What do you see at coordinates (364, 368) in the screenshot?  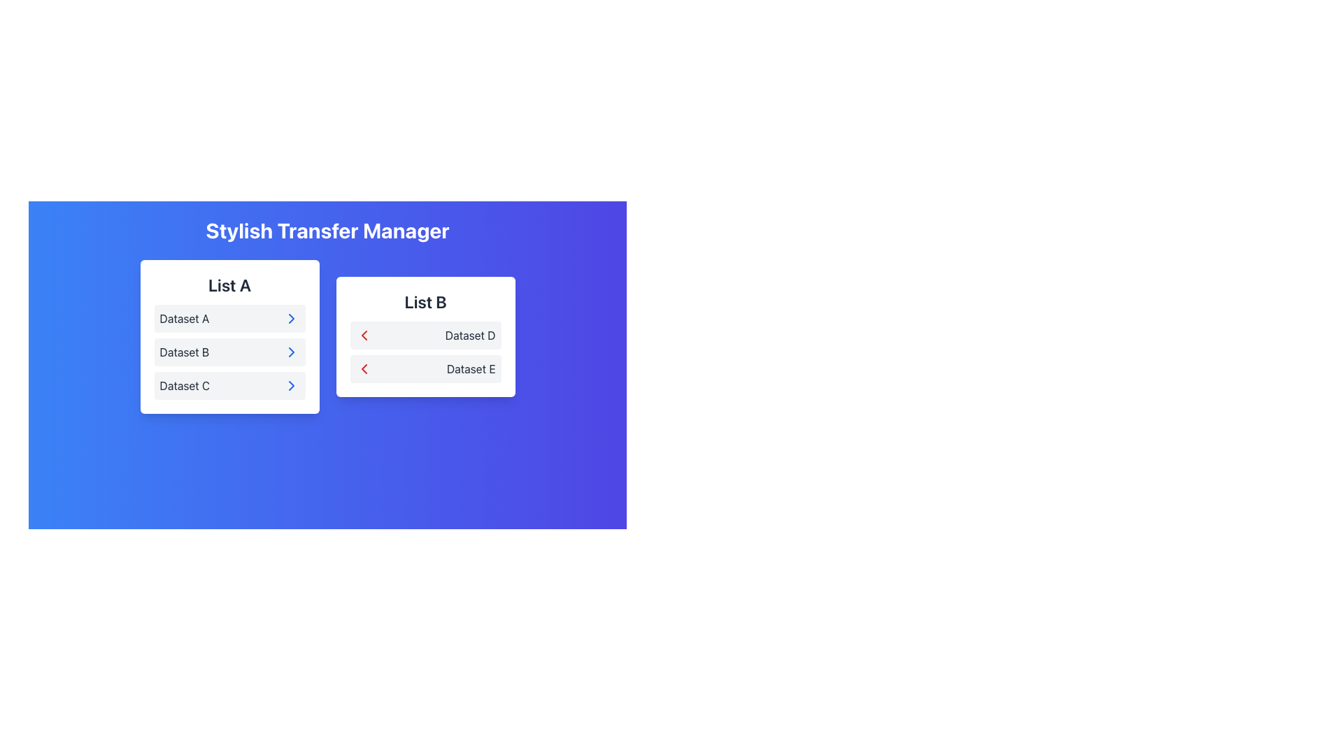 I see `the left chevron icon located in the top-left corner of the 'List B' box` at bounding box center [364, 368].